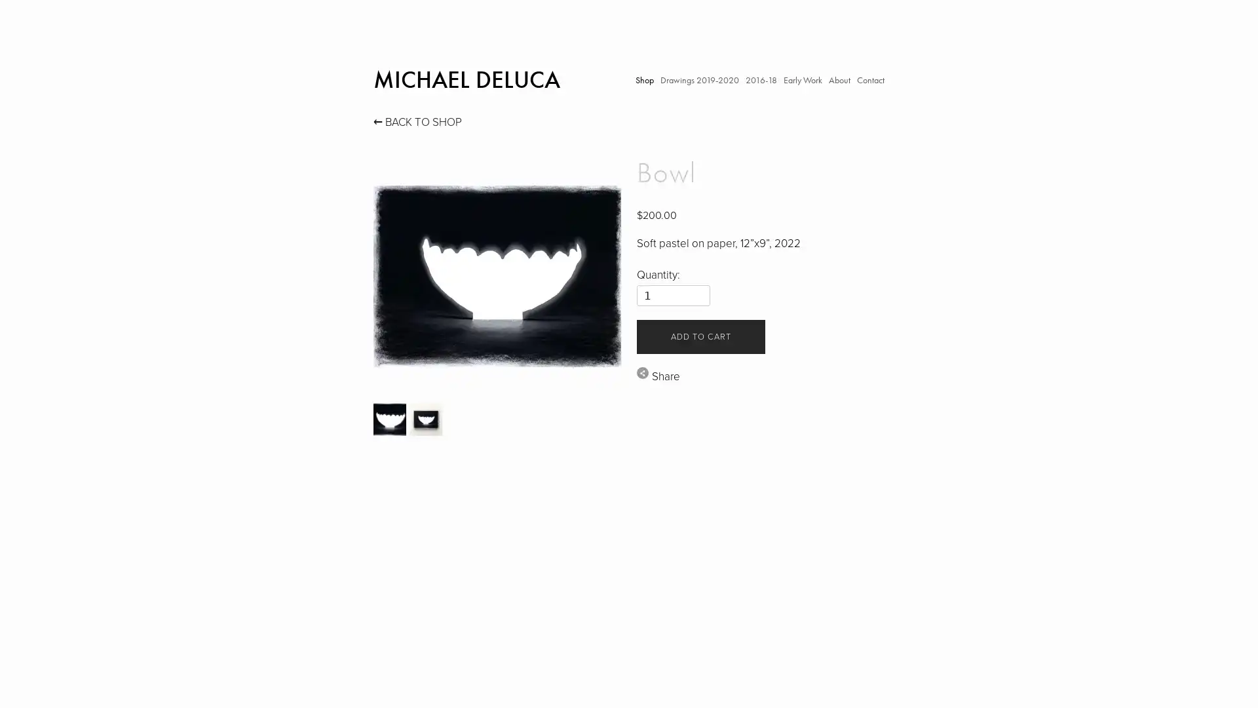 The image size is (1258, 708). What do you see at coordinates (700, 336) in the screenshot?
I see `ADD TO CART` at bounding box center [700, 336].